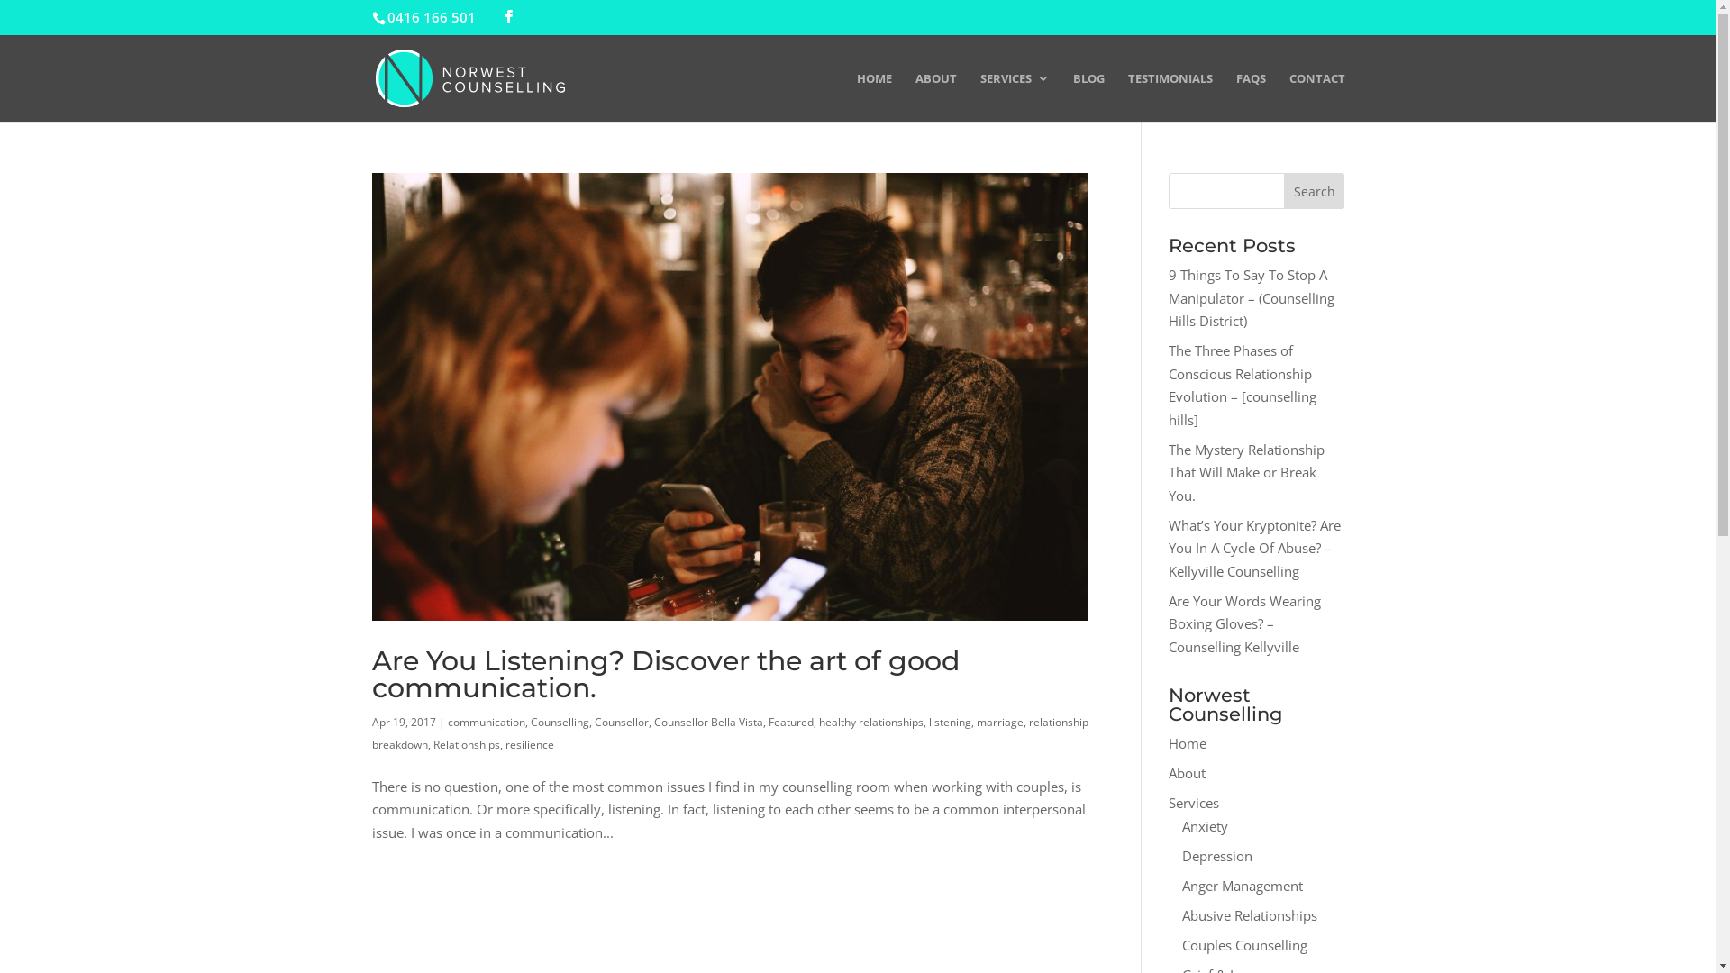 This screenshot has height=973, width=1730. Describe the element at coordinates (1216, 854) in the screenshot. I see `'Depression'` at that location.